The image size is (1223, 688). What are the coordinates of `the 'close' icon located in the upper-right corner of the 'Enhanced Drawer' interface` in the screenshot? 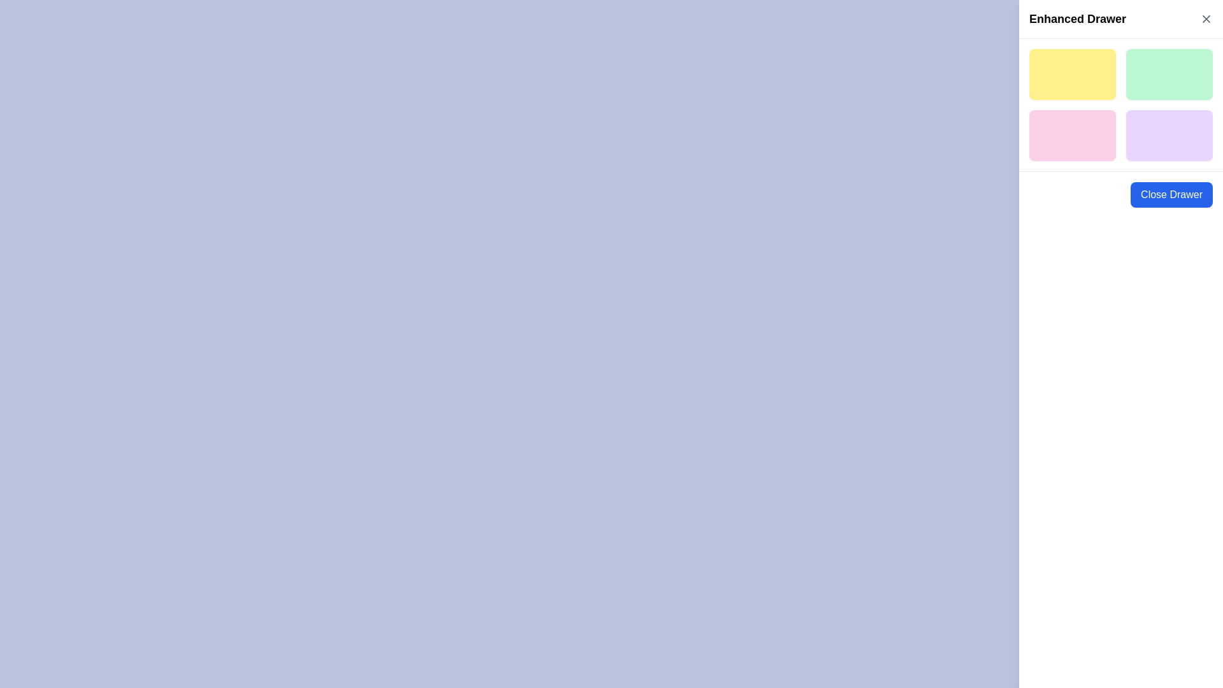 It's located at (1206, 19).